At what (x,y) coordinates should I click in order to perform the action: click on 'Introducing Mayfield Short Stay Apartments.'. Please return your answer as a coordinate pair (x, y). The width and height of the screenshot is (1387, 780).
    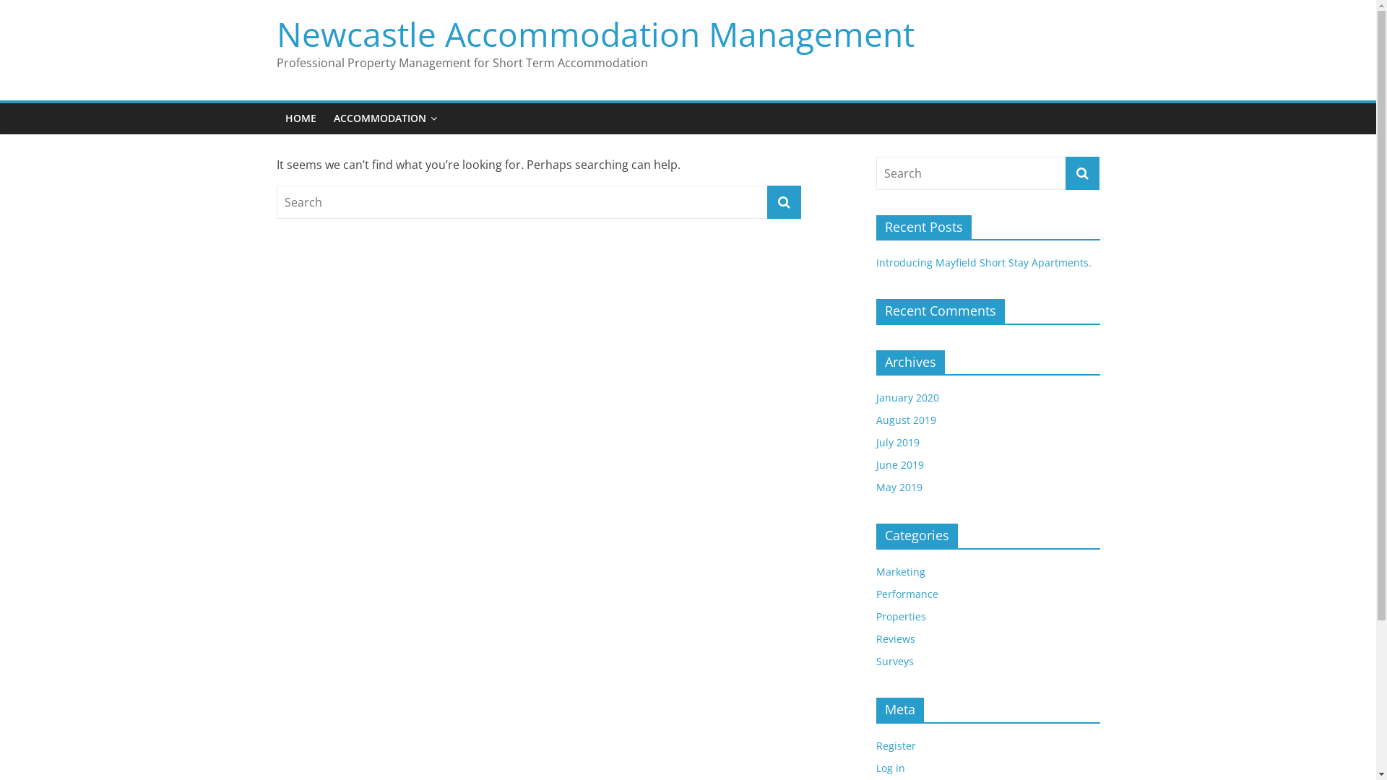
    Looking at the image, I should click on (874, 262).